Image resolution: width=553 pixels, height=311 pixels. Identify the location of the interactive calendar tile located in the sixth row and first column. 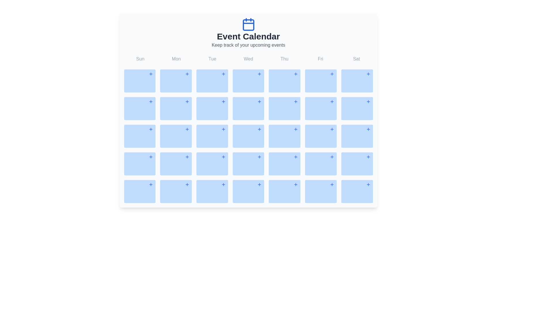
(140, 164).